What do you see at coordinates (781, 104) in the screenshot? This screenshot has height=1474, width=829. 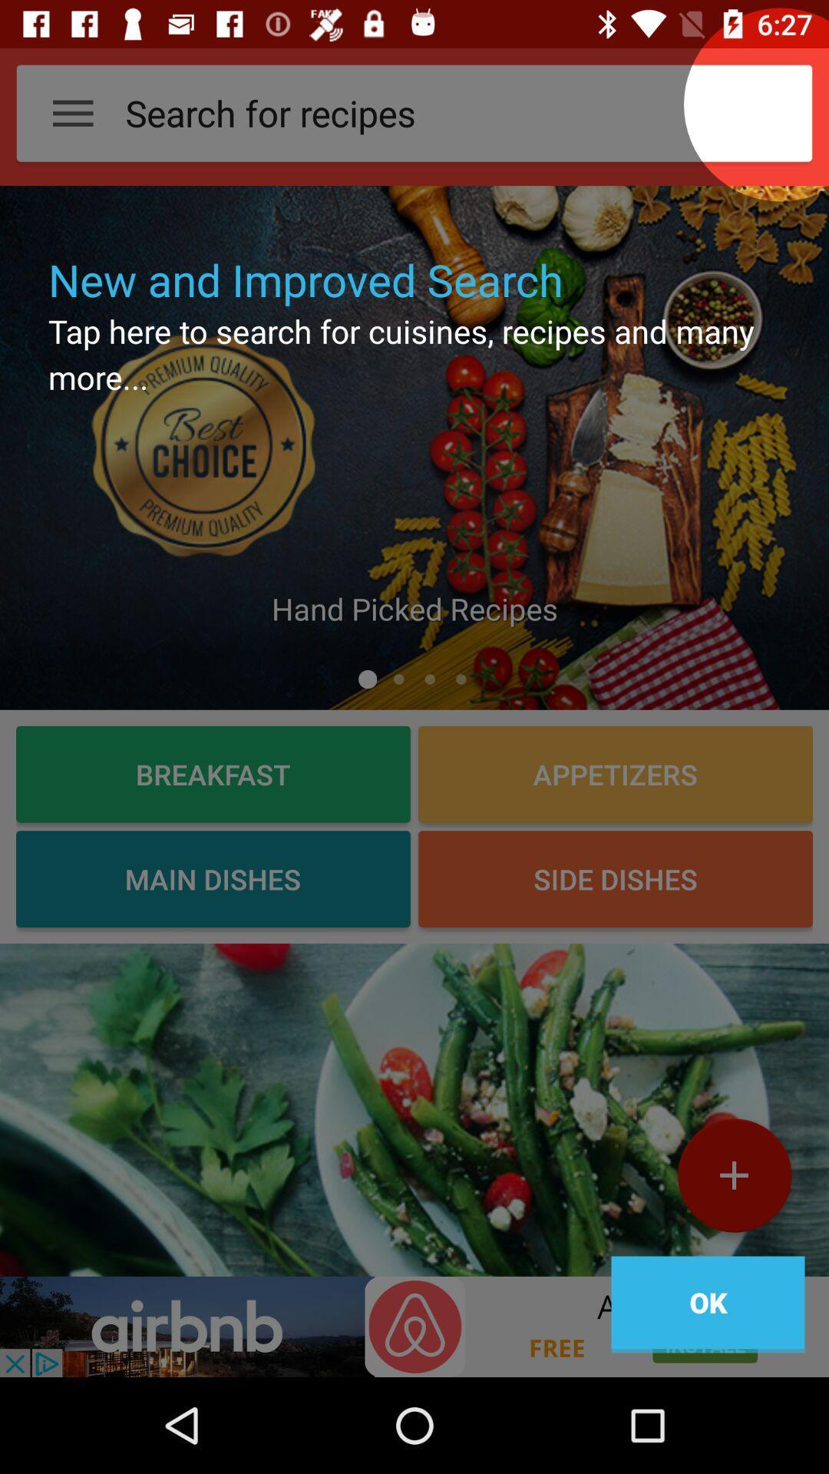 I see `the search bar` at bounding box center [781, 104].